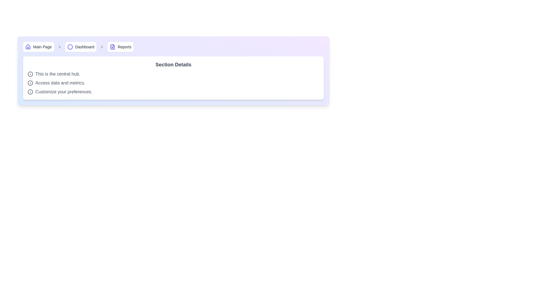  Describe the element at coordinates (28, 47) in the screenshot. I see `the 'Main Page' icon in the breadcrumb navigation located at the top-left corner of the interface` at that location.